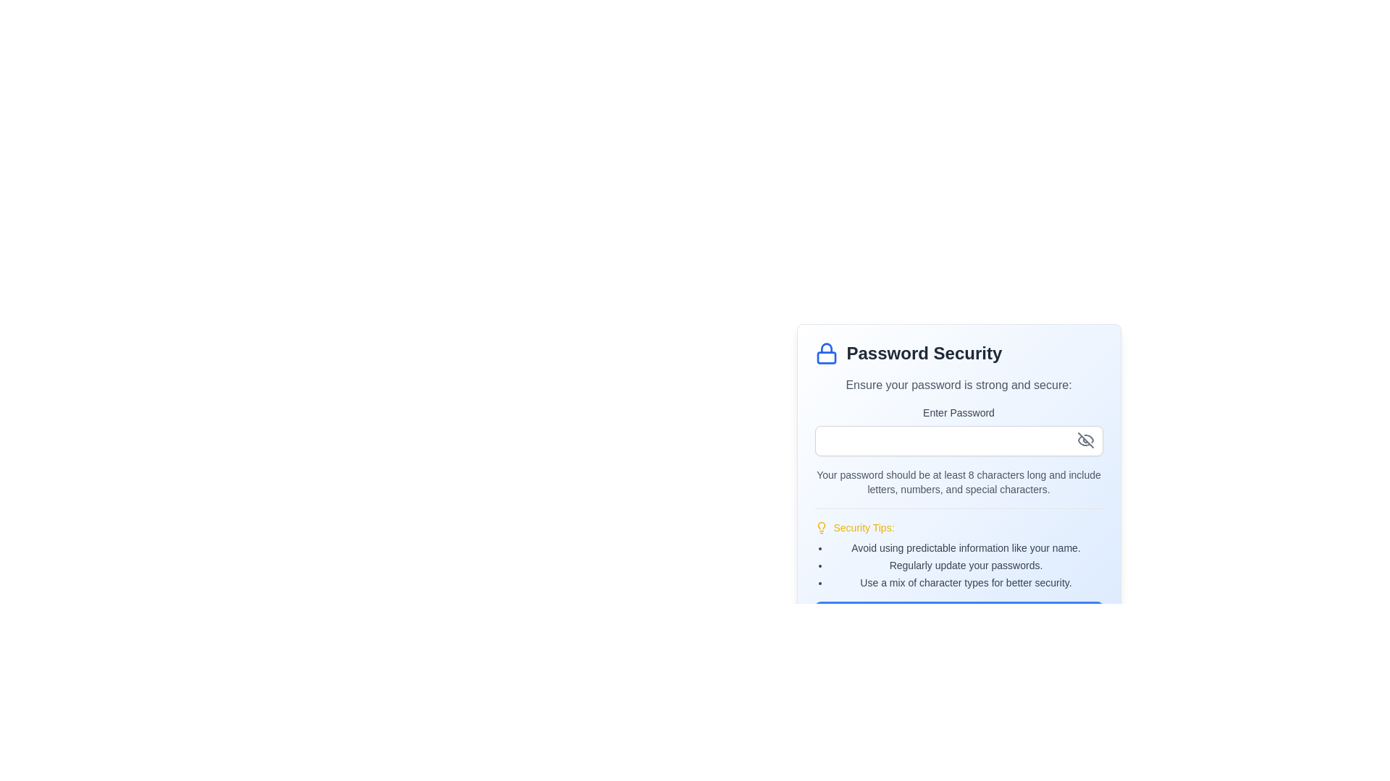  What do you see at coordinates (826, 354) in the screenshot?
I see `the security icon located to the left of the 'Password Security' section title` at bounding box center [826, 354].